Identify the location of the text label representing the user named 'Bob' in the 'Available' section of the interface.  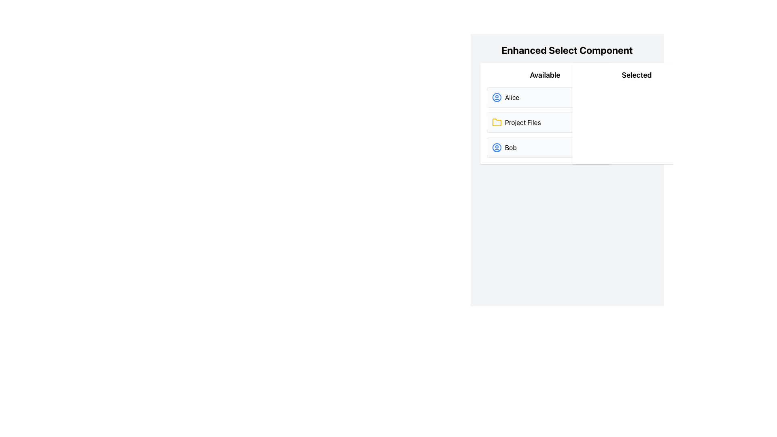
(510, 148).